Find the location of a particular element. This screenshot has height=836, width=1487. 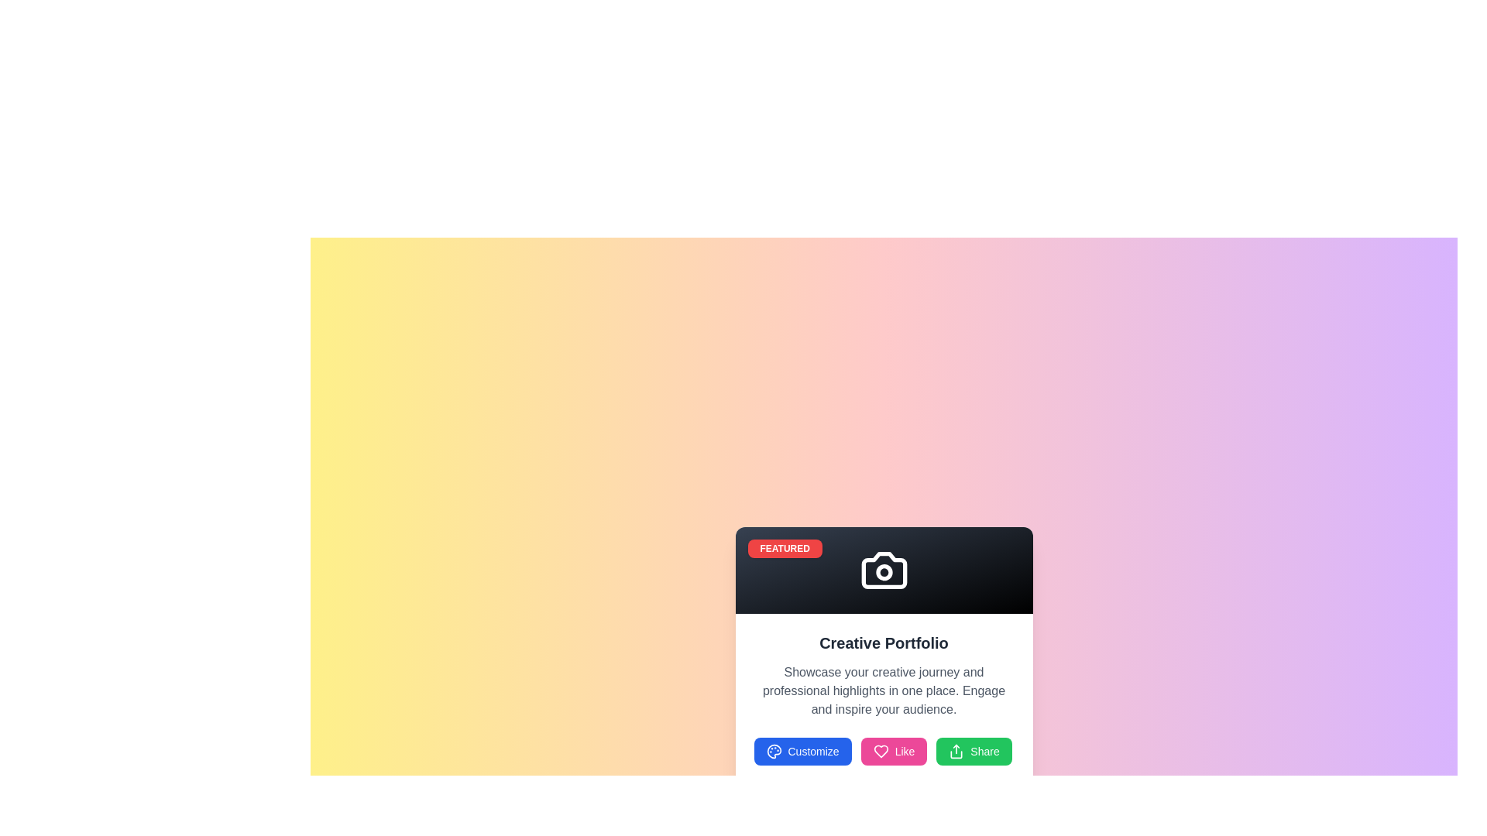

the share button located at the bottom of the card UI component, which is the third button from the left in a horizontal row of three buttons labeled 'Customize', 'Like', and 'Share' is located at coordinates (973, 751).